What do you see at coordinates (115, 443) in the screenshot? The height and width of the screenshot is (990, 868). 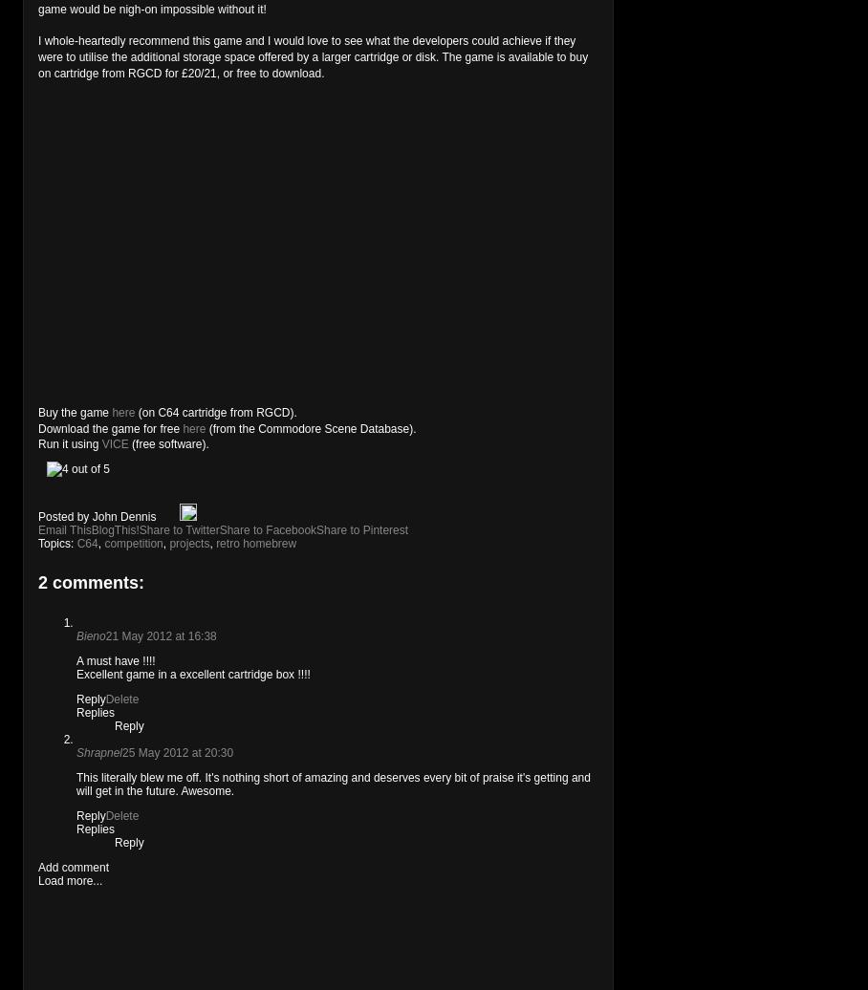 I see `'VICE'` at bounding box center [115, 443].